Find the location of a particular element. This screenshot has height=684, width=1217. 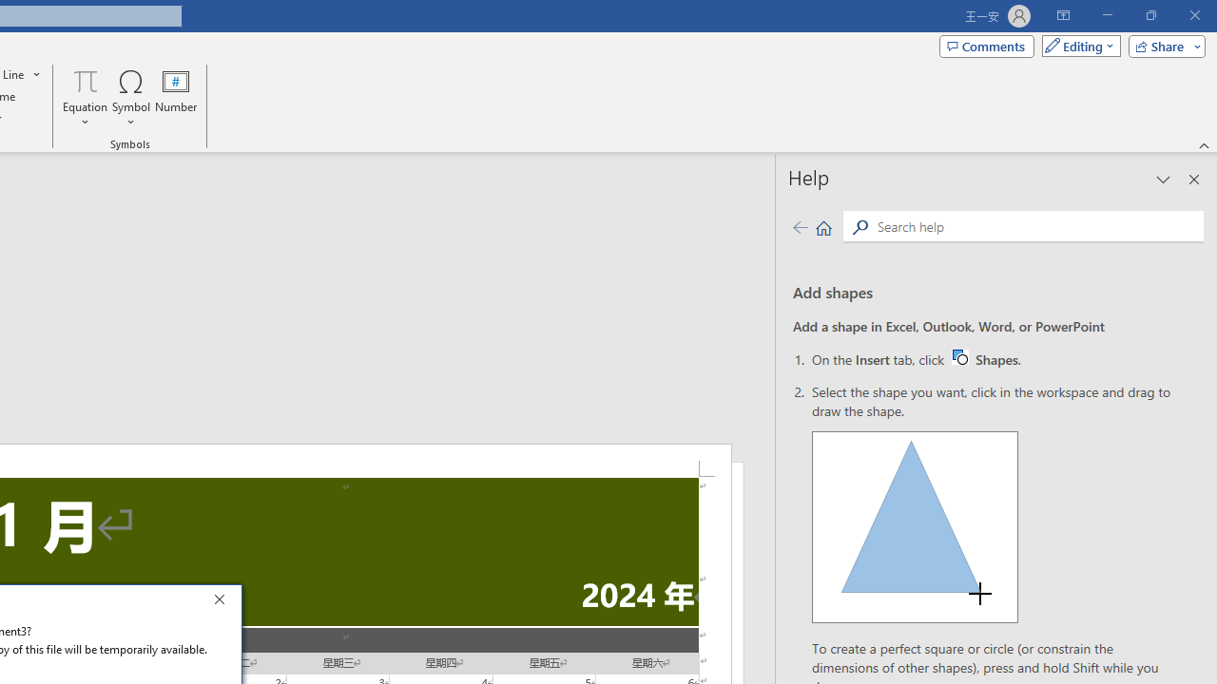

'Word W32 Shapes button icon' is located at coordinates (959, 356).